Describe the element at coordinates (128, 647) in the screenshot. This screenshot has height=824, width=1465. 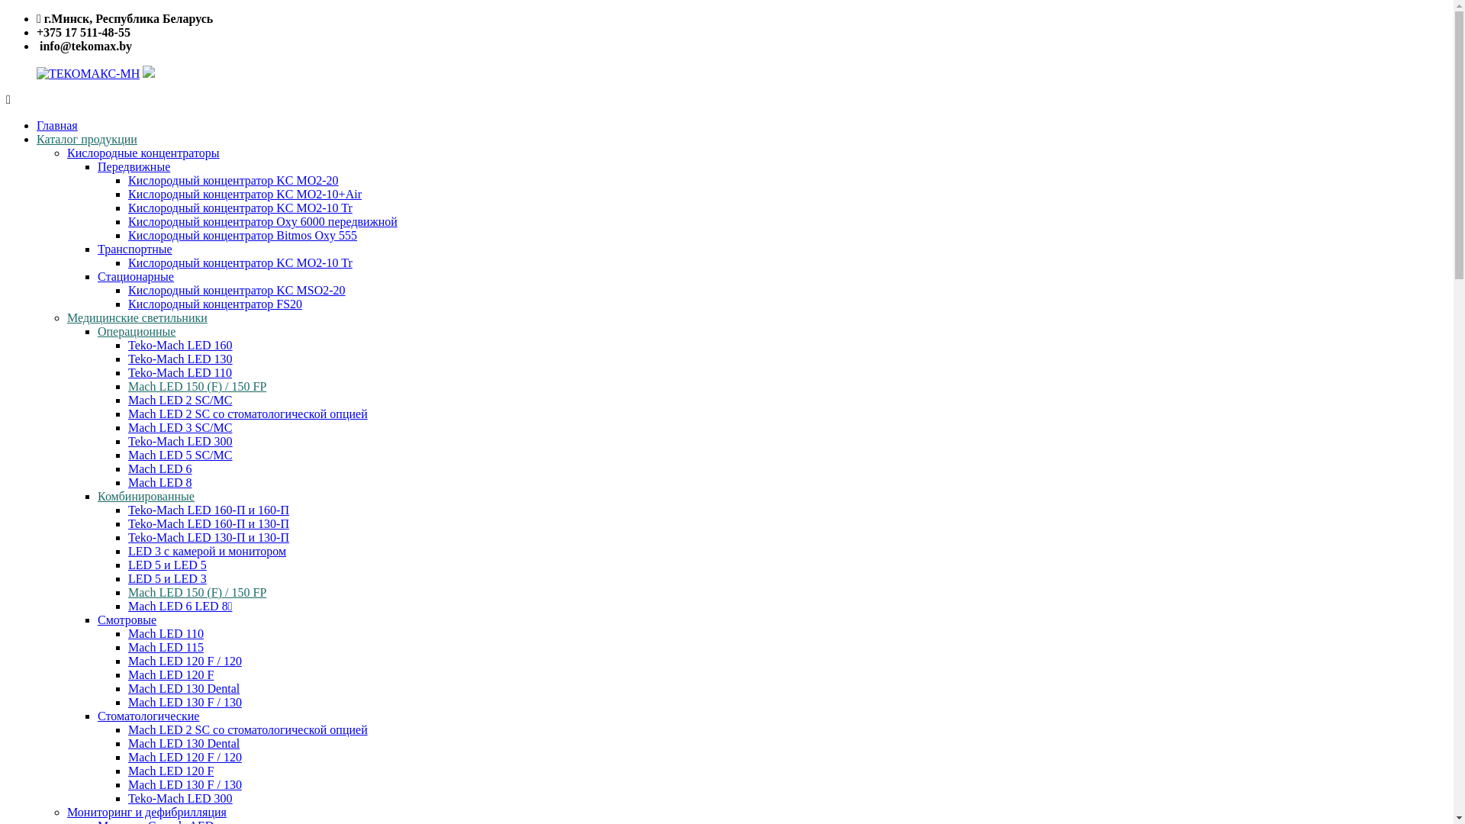
I see `'Mach LED 115'` at that location.